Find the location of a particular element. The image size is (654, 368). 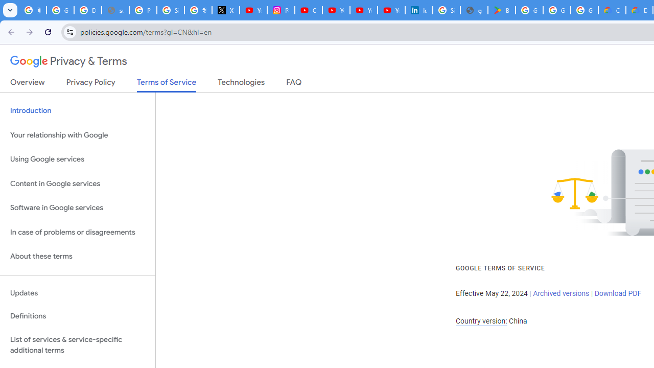

'Your relationship with Google' is located at coordinates (77, 134).